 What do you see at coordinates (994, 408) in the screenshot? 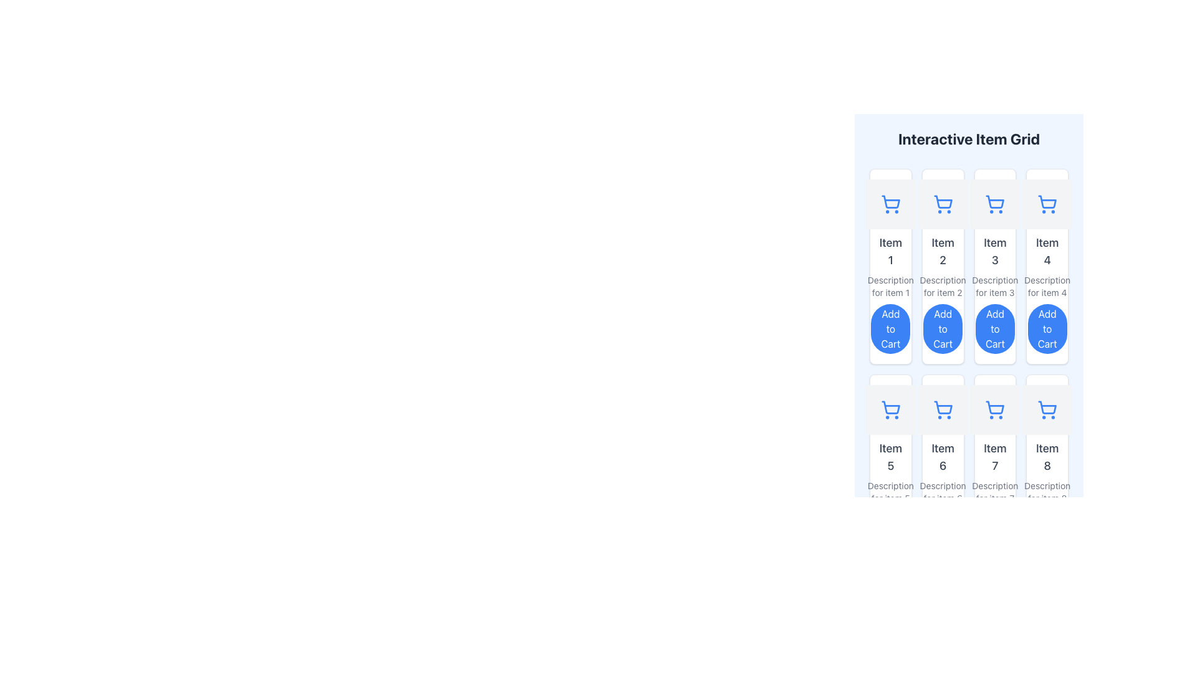
I see `the shopping cart icon located in the second row and third column of the grid, beneath the 'Item 7' label` at bounding box center [994, 408].